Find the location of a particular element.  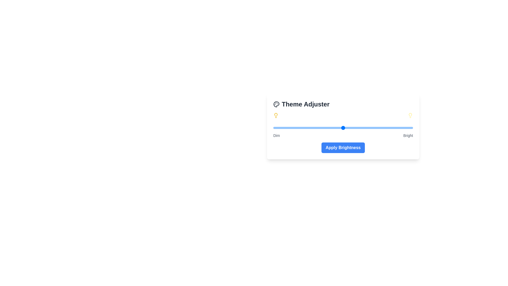

the brightness slider to 33% to observe the visual changes is located at coordinates (319, 128).